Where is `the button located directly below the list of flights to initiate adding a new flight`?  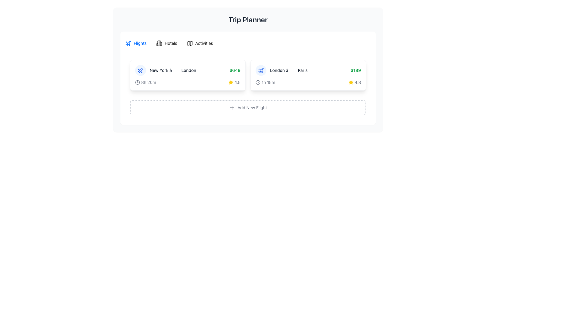 the button located directly below the list of flights to initiate adding a new flight is located at coordinates (248, 107).